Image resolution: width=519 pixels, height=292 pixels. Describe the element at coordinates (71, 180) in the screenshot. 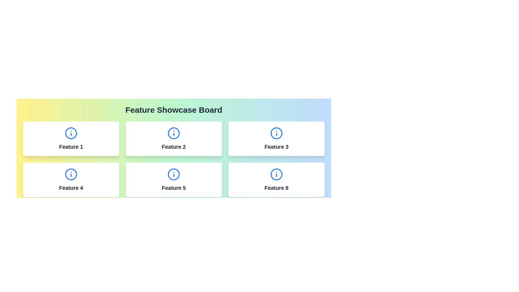

I see `description of the Card Item located in the second row of a 3x2 grid layout, which is positioned below 'Feature 1' and to the left of 'Feature 5'` at that location.